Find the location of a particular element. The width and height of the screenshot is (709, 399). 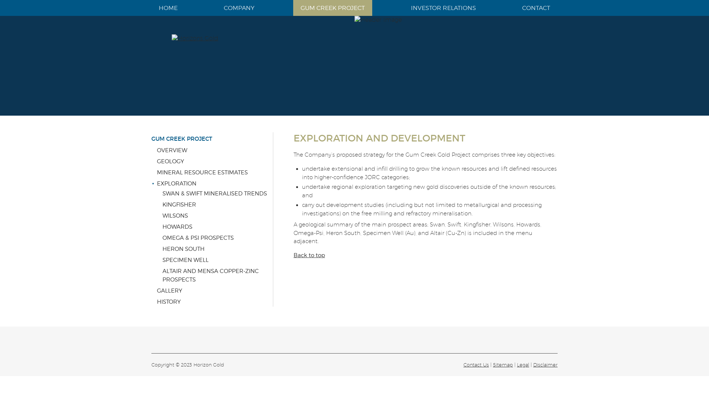

'MINERAL RESOURCE ESTIMATES' is located at coordinates (157, 172).